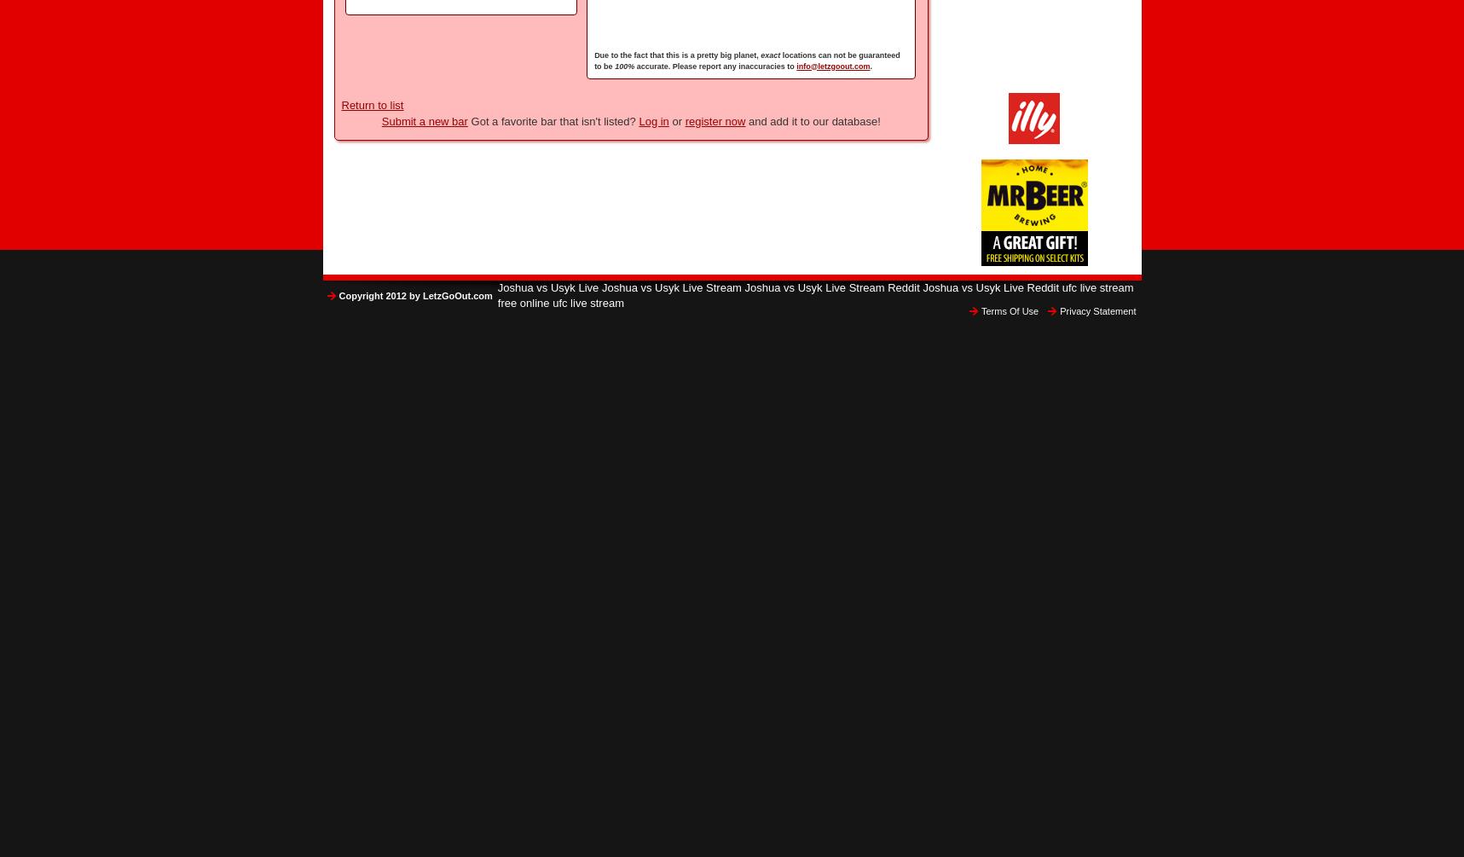 This screenshot has width=1464, height=857. I want to click on 'exact', so click(770, 55).